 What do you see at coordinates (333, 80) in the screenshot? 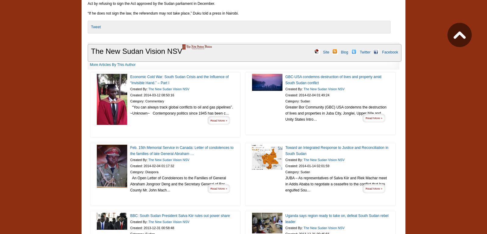
I see `'GBC-USA condemns destruction of lives and property amid South Sudan conflict'` at bounding box center [333, 80].